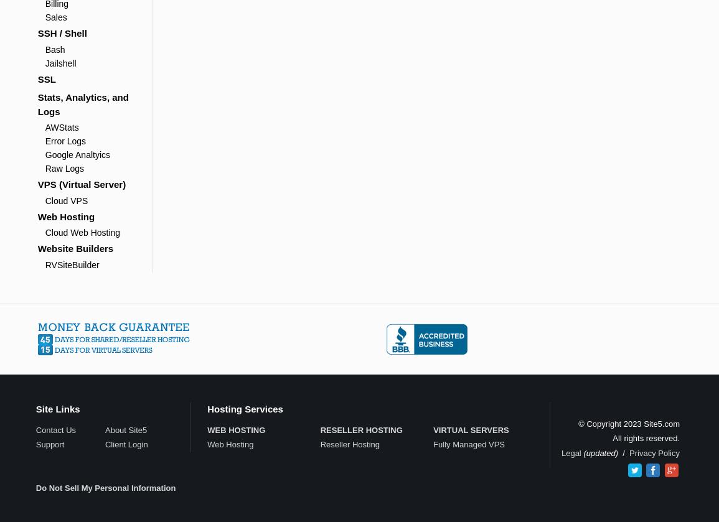 The width and height of the screenshot is (719, 522). I want to click on 'Privacy Policy', so click(654, 452).